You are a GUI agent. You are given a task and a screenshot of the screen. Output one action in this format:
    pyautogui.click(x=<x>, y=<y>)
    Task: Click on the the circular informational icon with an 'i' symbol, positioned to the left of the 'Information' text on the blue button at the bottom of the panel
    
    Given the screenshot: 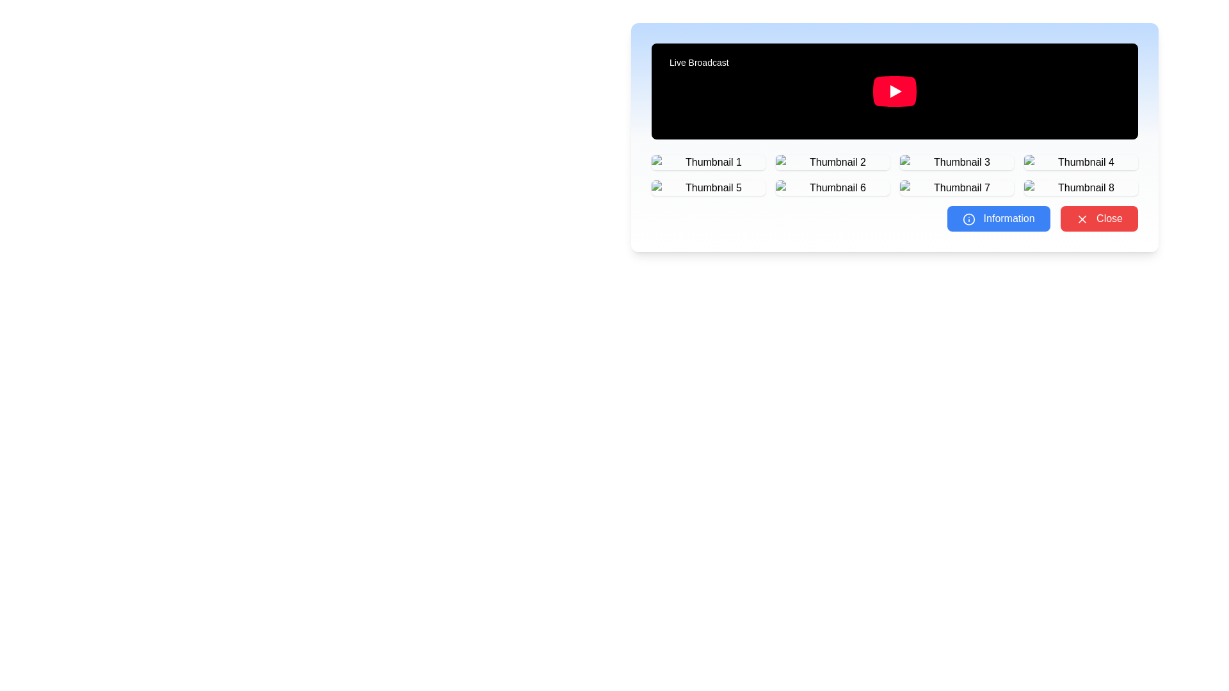 What is the action you would take?
    pyautogui.click(x=969, y=218)
    